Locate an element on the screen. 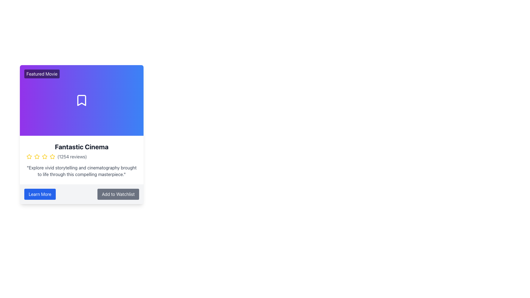 This screenshot has width=530, height=298. the bookmark-shaped icon with a folded-in bottom design, located within the card area under the 'Featured Movie' label is located at coordinates (81, 100).